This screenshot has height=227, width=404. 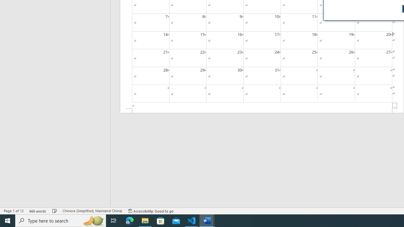 I want to click on 'Word - 2 running windows', so click(x=207, y=220).